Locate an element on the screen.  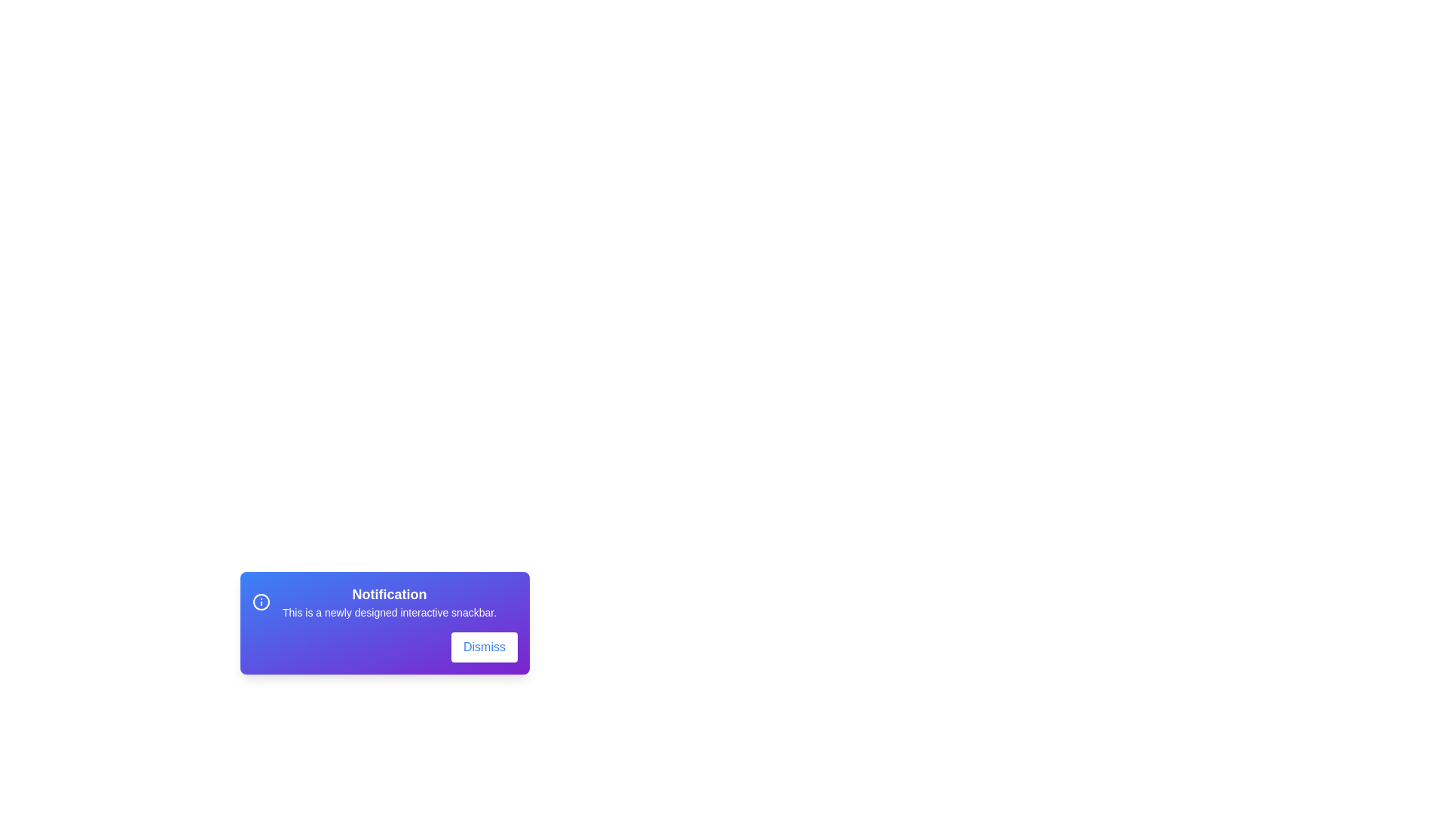
text content of the notification message displayed in the text block located near the top section of the snackbar, which is horizontally centered and positioned above the 'Dismiss' button is located at coordinates (384, 601).